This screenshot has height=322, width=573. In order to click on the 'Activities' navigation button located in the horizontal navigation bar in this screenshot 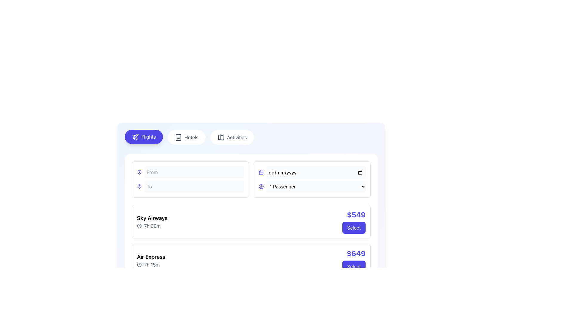, I will do `click(232, 137)`.